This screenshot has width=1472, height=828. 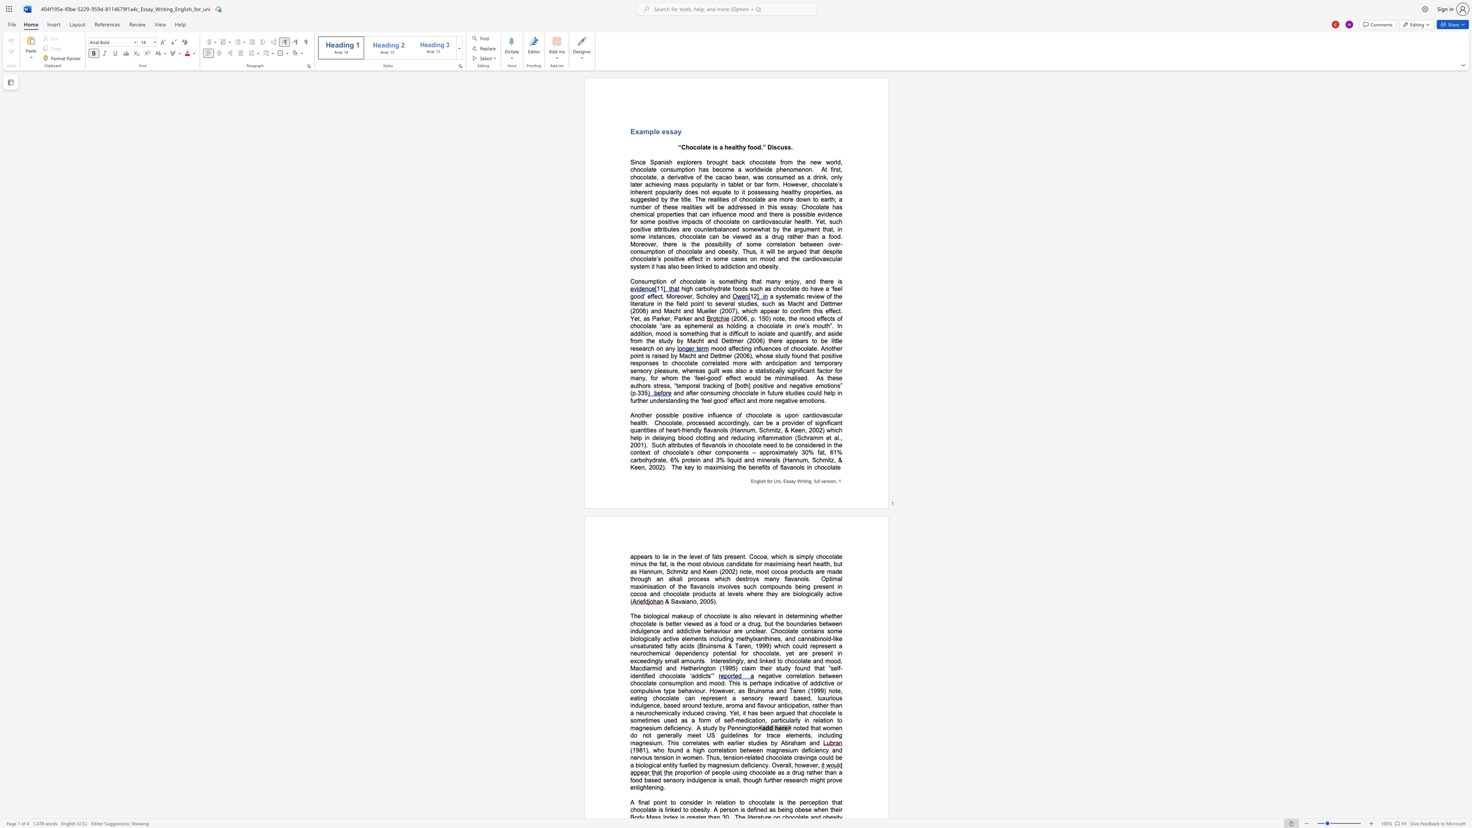 What do you see at coordinates (714, 727) in the screenshot?
I see `the subset text "y by Penn" within the text "A study by Pennington"` at bounding box center [714, 727].